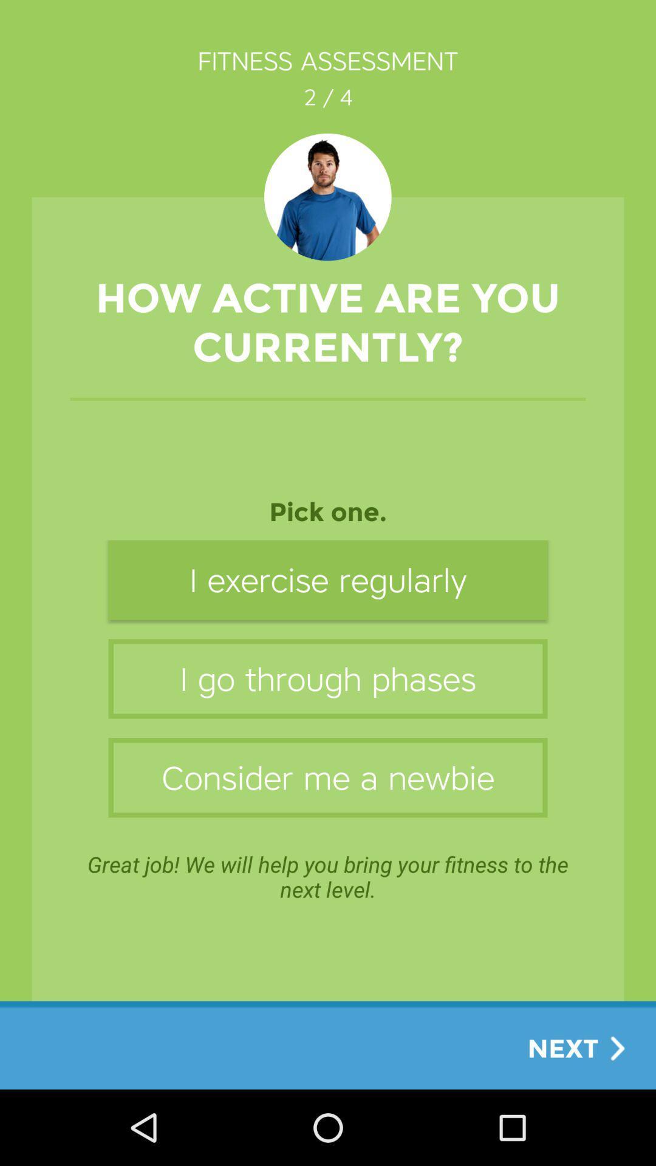 Image resolution: width=656 pixels, height=1166 pixels. I want to click on i go through icon, so click(328, 678).